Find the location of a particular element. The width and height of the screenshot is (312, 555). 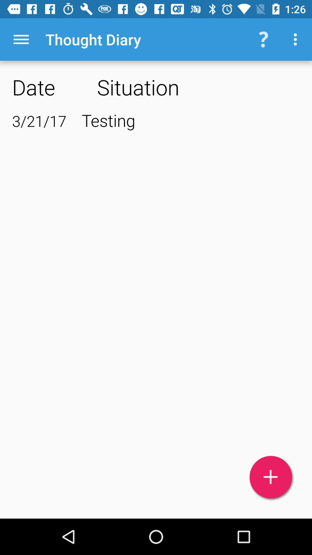

the 3/21/17 item is located at coordinates (39, 121).